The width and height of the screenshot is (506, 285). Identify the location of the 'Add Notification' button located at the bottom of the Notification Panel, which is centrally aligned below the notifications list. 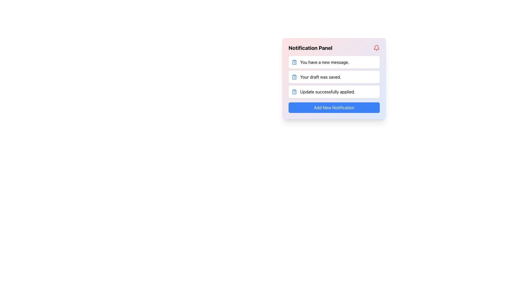
(334, 107).